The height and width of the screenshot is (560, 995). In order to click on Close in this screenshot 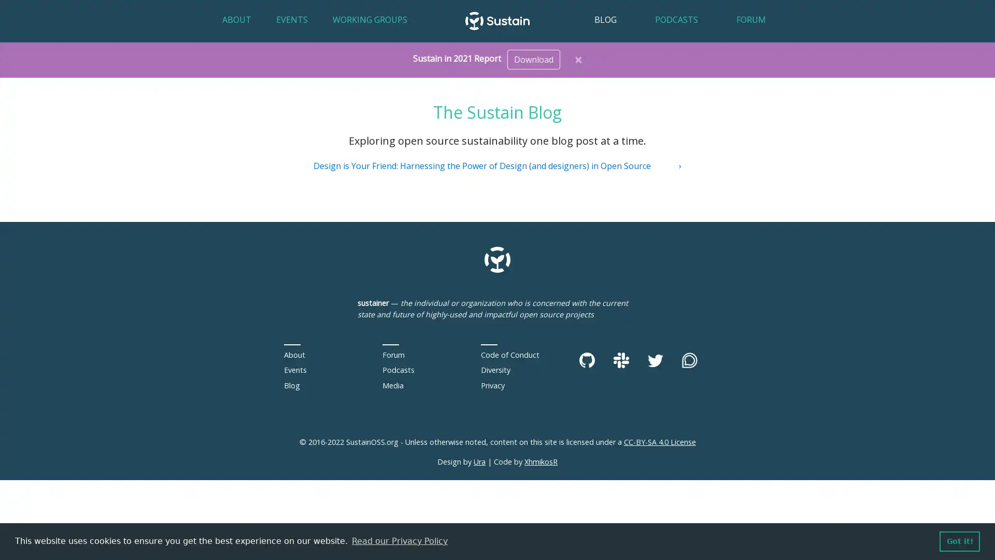, I will do `click(578, 60)`.